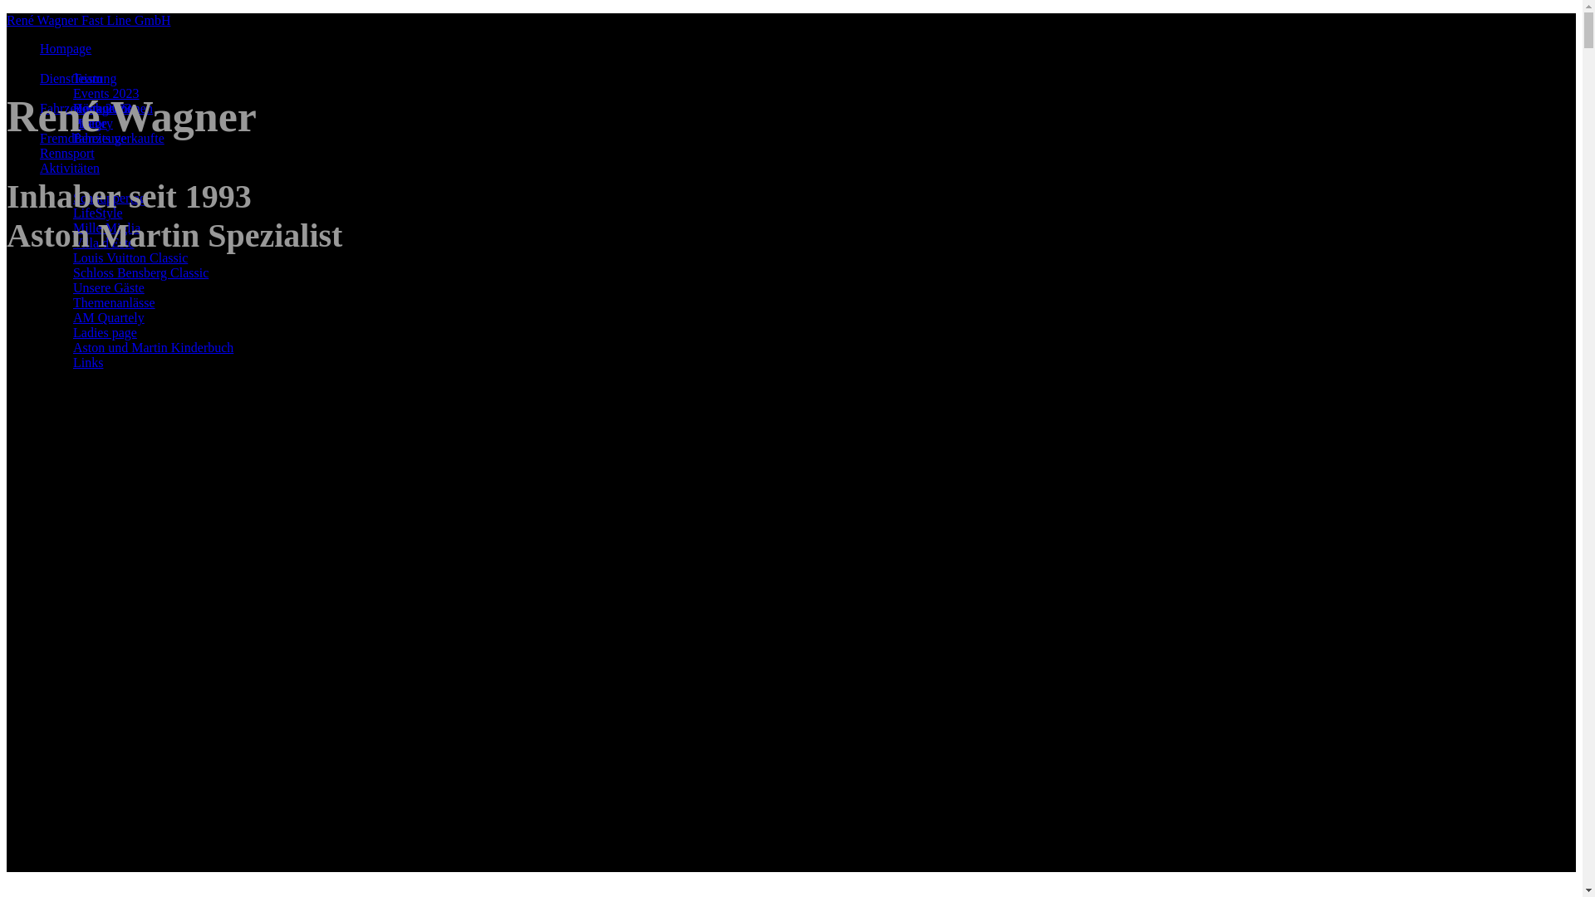  What do you see at coordinates (71, 93) in the screenshot?
I see `'Events 2023'` at bounding box center [71, 93].